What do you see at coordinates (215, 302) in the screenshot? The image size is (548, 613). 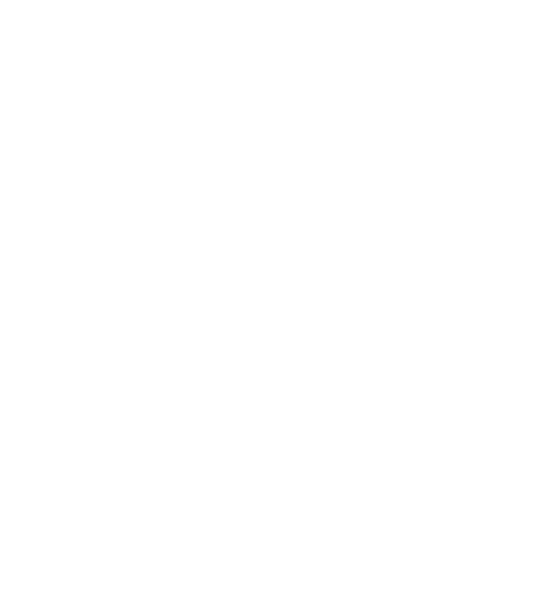 I see `'Genelec UNIO and 8381A Make U.S. Debuts at AES'` at bounding box center [215, 302].